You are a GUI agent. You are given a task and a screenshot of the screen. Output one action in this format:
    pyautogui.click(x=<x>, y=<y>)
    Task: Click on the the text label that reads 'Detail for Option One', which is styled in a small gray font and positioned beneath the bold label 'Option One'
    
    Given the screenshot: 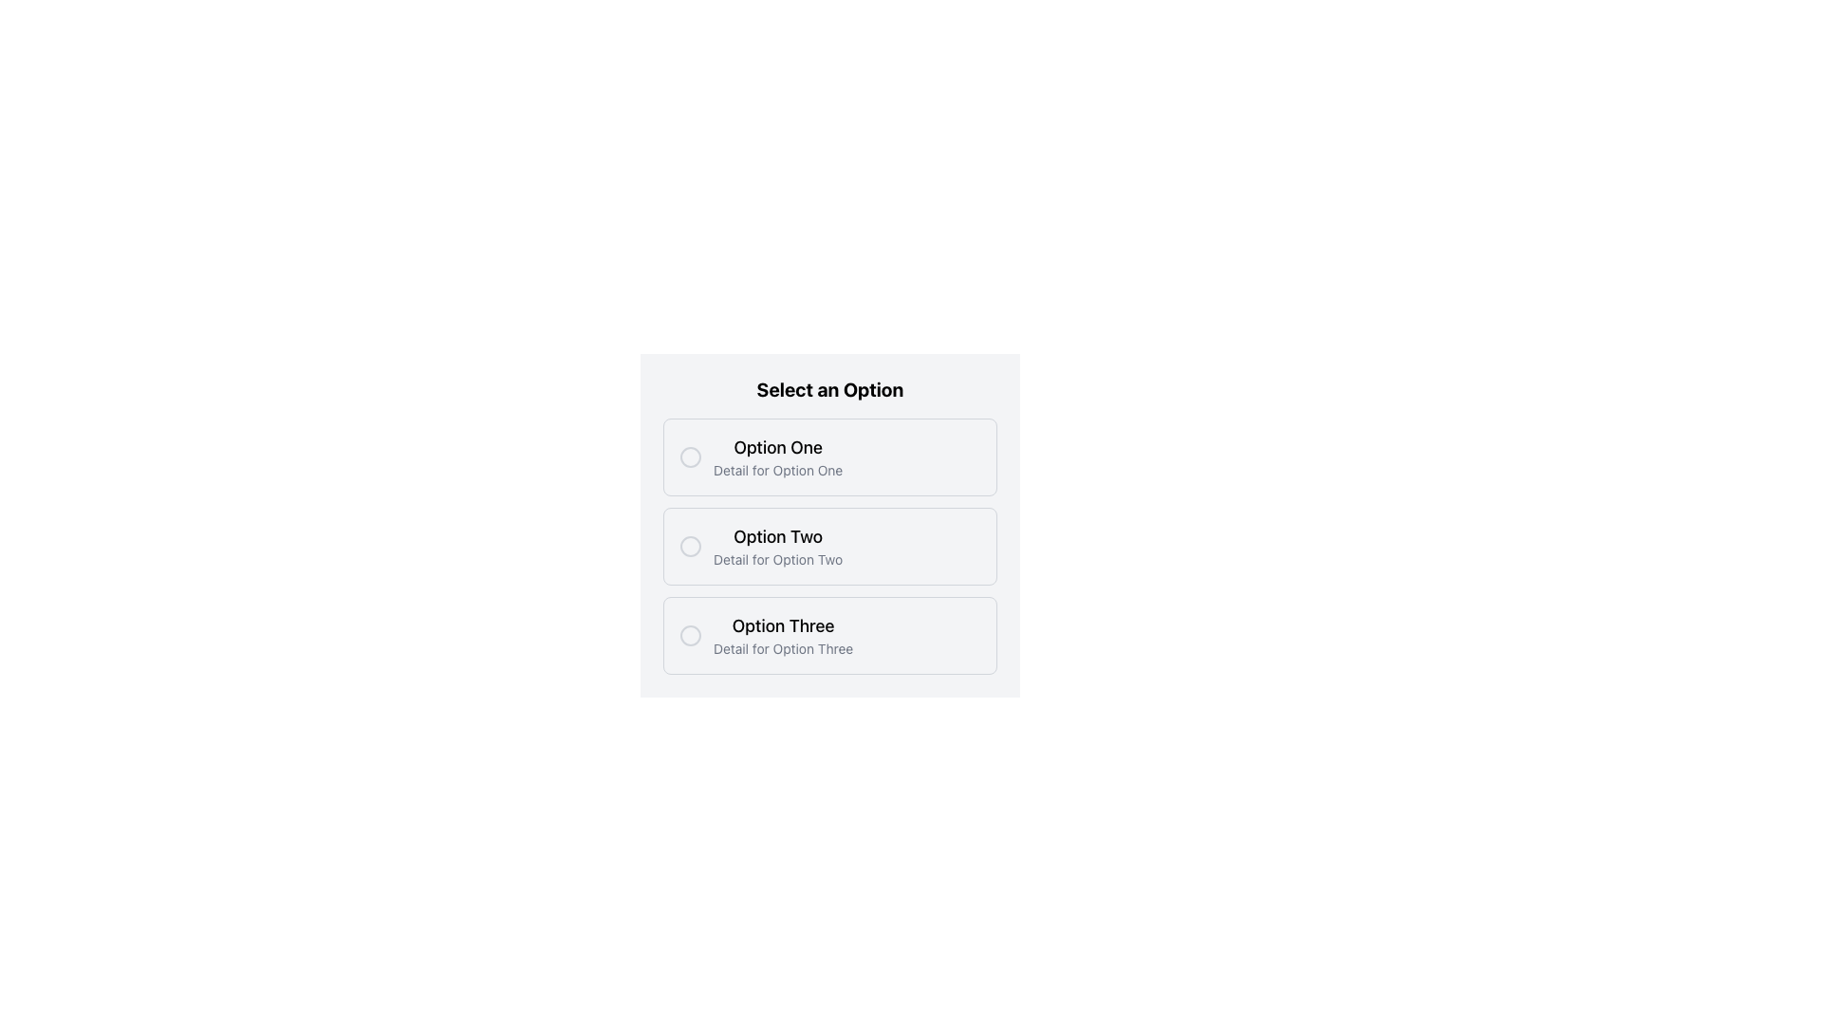 What is the action you would take?
    pyautogui.click(x=778, y=470)
    